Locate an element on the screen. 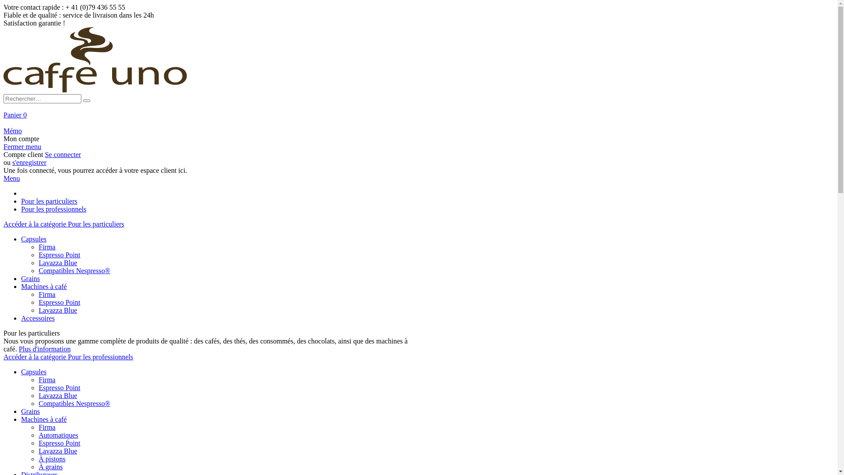  'Lavazza Blue' is located at coordinates (57, 450).